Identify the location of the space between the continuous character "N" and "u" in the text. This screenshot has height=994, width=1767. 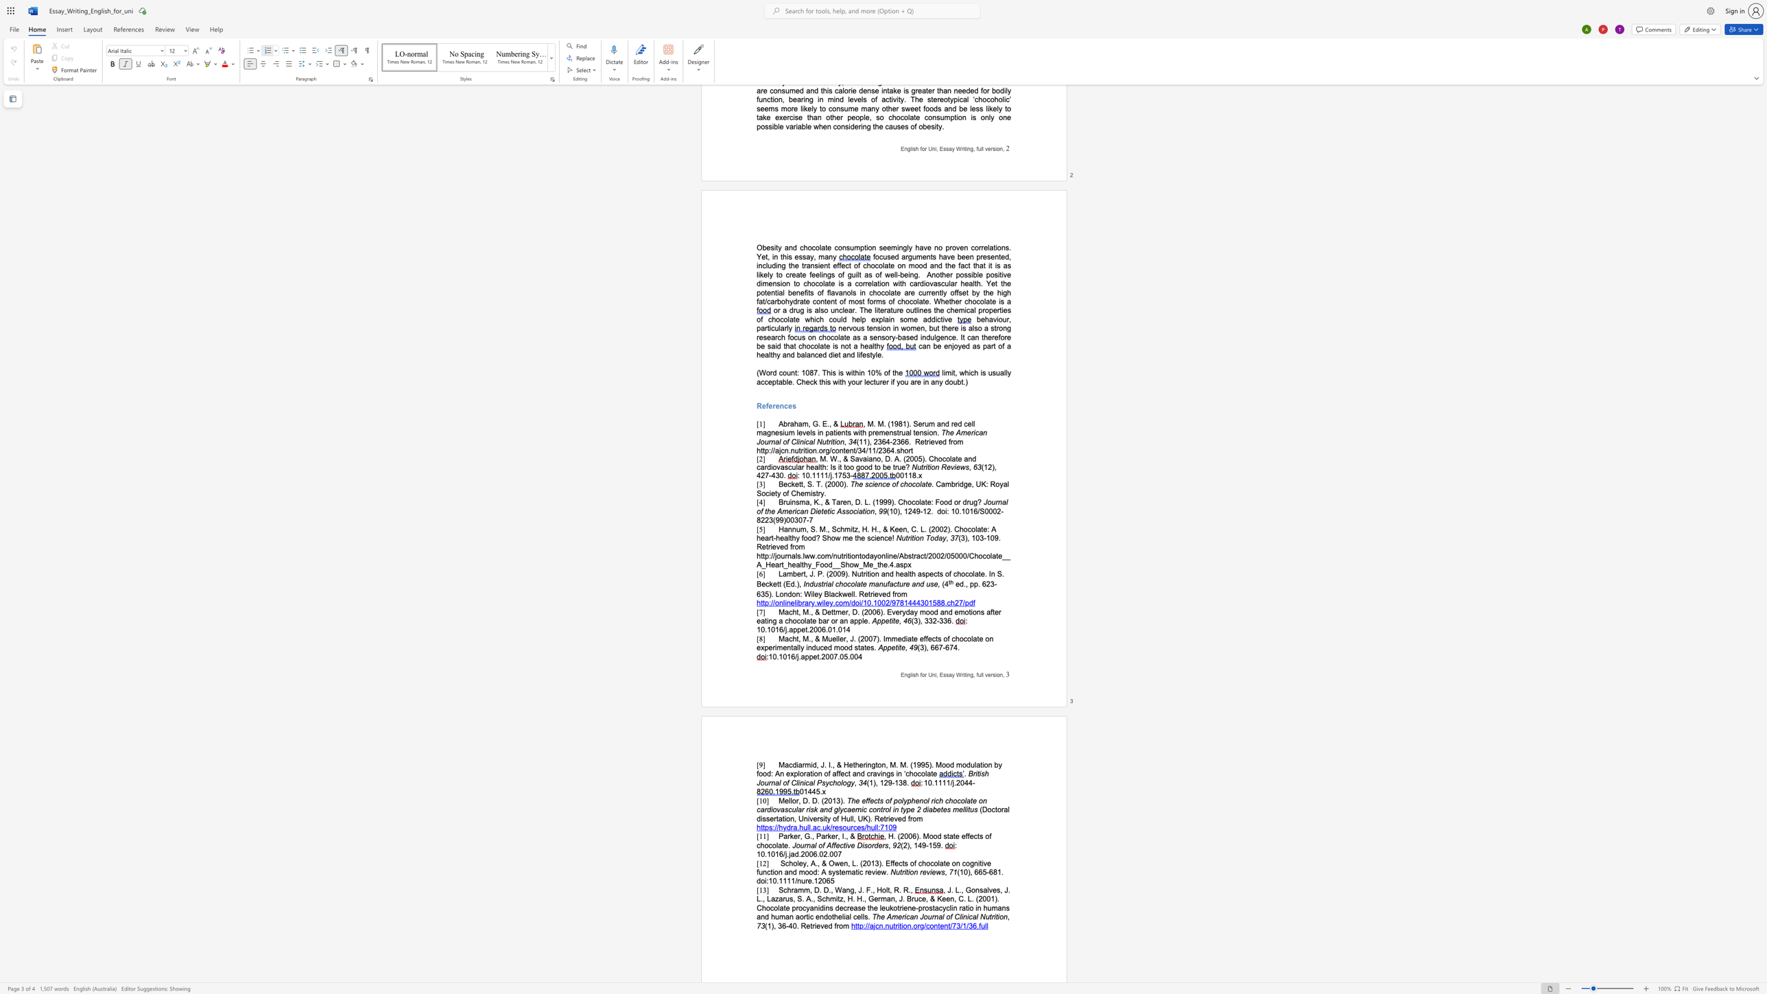
(895, 872).